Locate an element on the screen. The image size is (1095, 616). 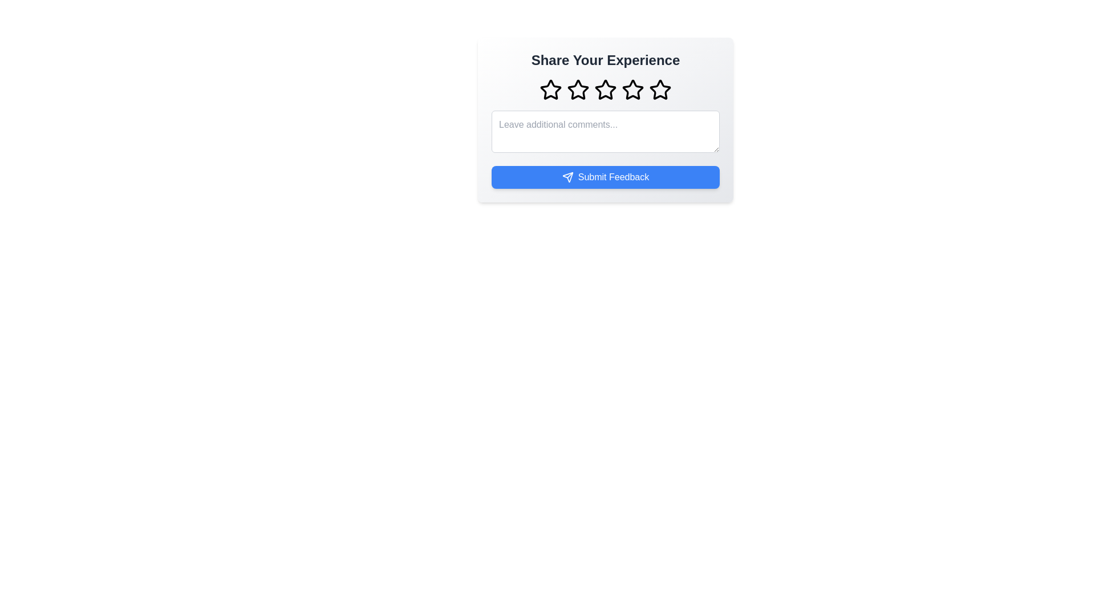
the second star rating button located below the 'Share Your Experience' text and above the comments input field is located at coordinates (578, 89).